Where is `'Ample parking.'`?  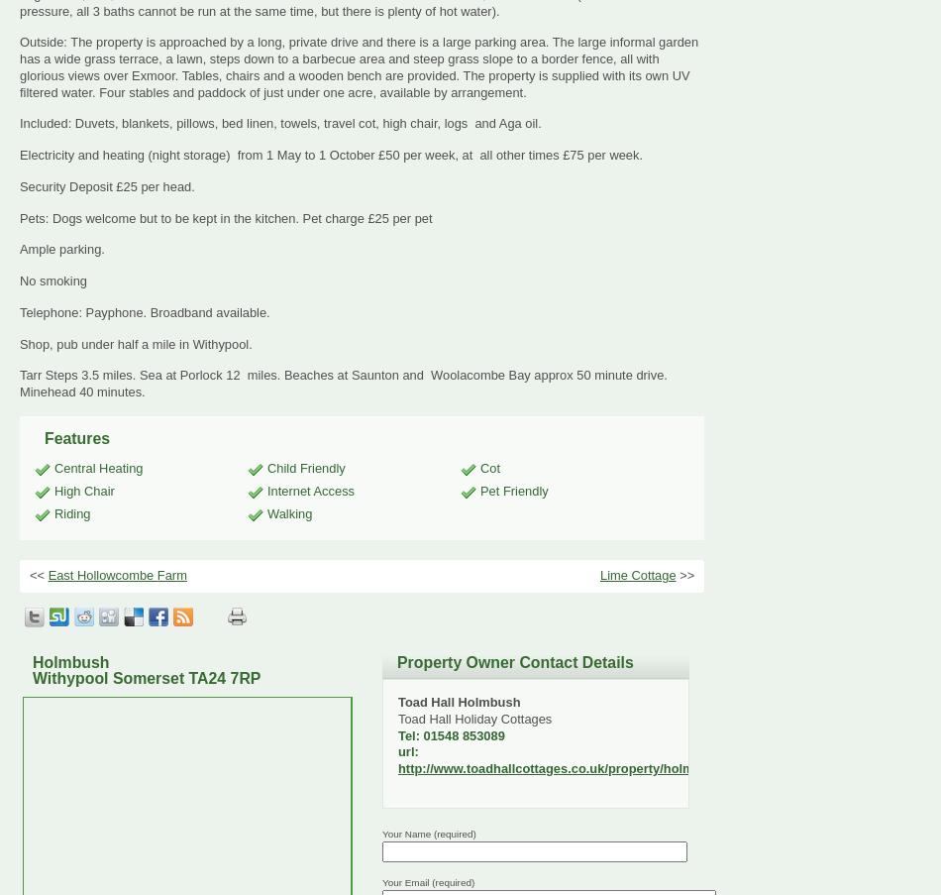 'Ample parking.' is located at coordinates (61, 249).